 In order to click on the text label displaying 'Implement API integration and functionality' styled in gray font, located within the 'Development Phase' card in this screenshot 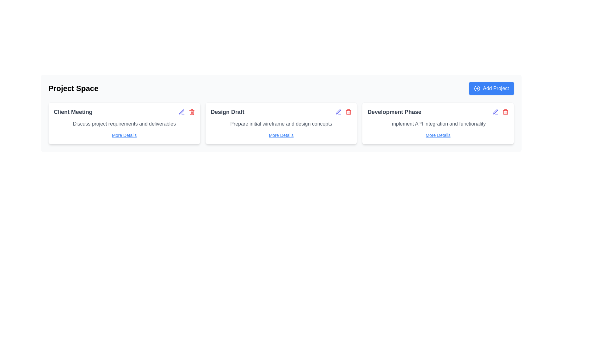, I will do `click(438, 124)`.